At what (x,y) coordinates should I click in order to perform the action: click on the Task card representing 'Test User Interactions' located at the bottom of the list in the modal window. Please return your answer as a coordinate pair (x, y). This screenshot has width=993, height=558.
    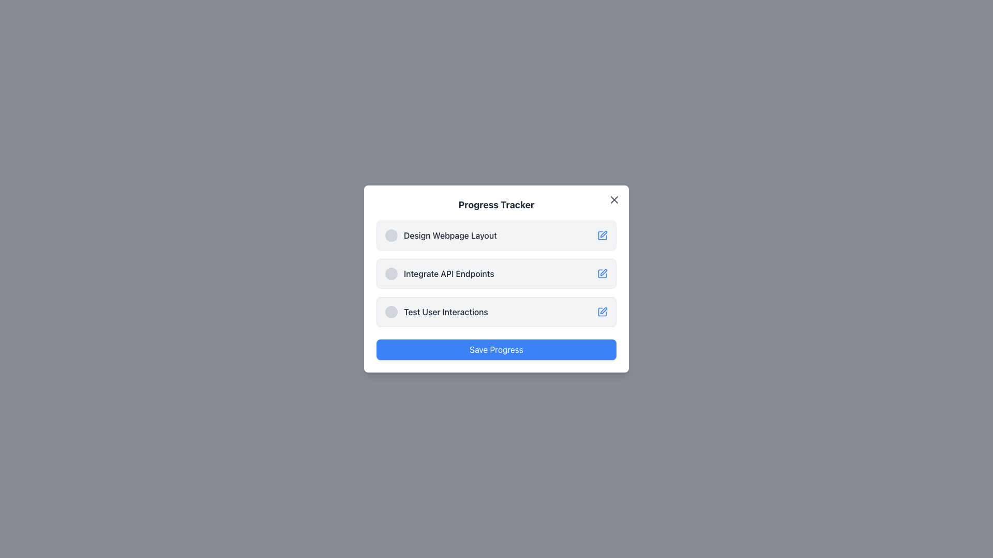
    Looking at the image, I should click on (496, 312).